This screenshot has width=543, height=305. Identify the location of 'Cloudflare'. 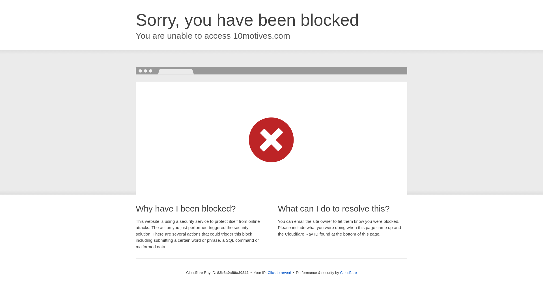
(348, 272).